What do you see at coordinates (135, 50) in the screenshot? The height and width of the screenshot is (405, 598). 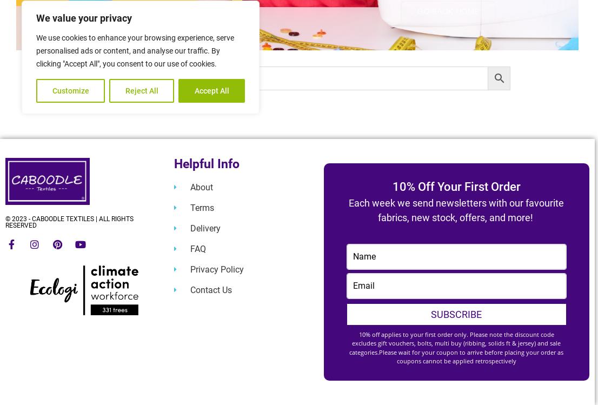 I see `'We use cookies to enhance your browsing experience, serve personalised ads or content, and analyse our traffic. By clicking "Accept All", you consent to our use of cookies.'` at bounding box center [135, 50].